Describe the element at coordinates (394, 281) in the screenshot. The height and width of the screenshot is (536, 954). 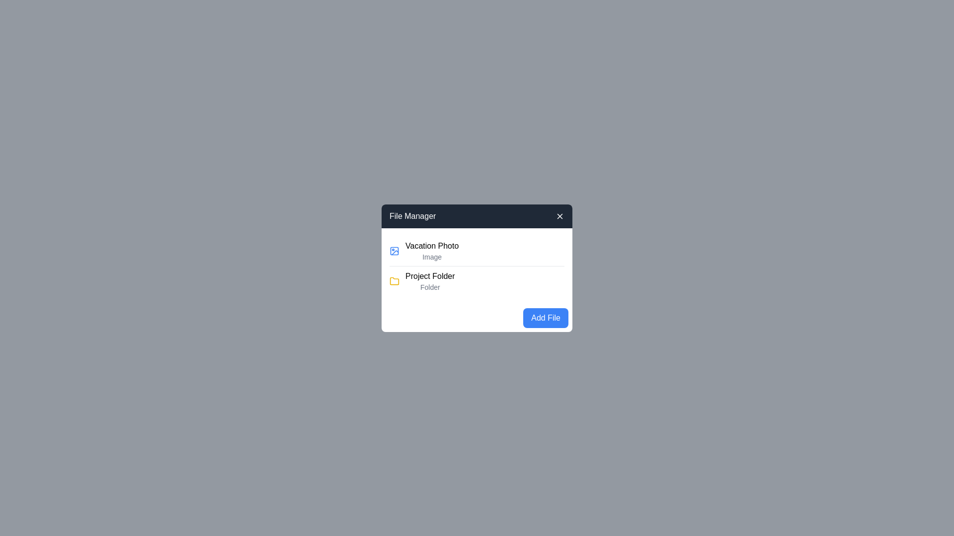
I see `the icon associated with Project Folder to interact with it` at that location.